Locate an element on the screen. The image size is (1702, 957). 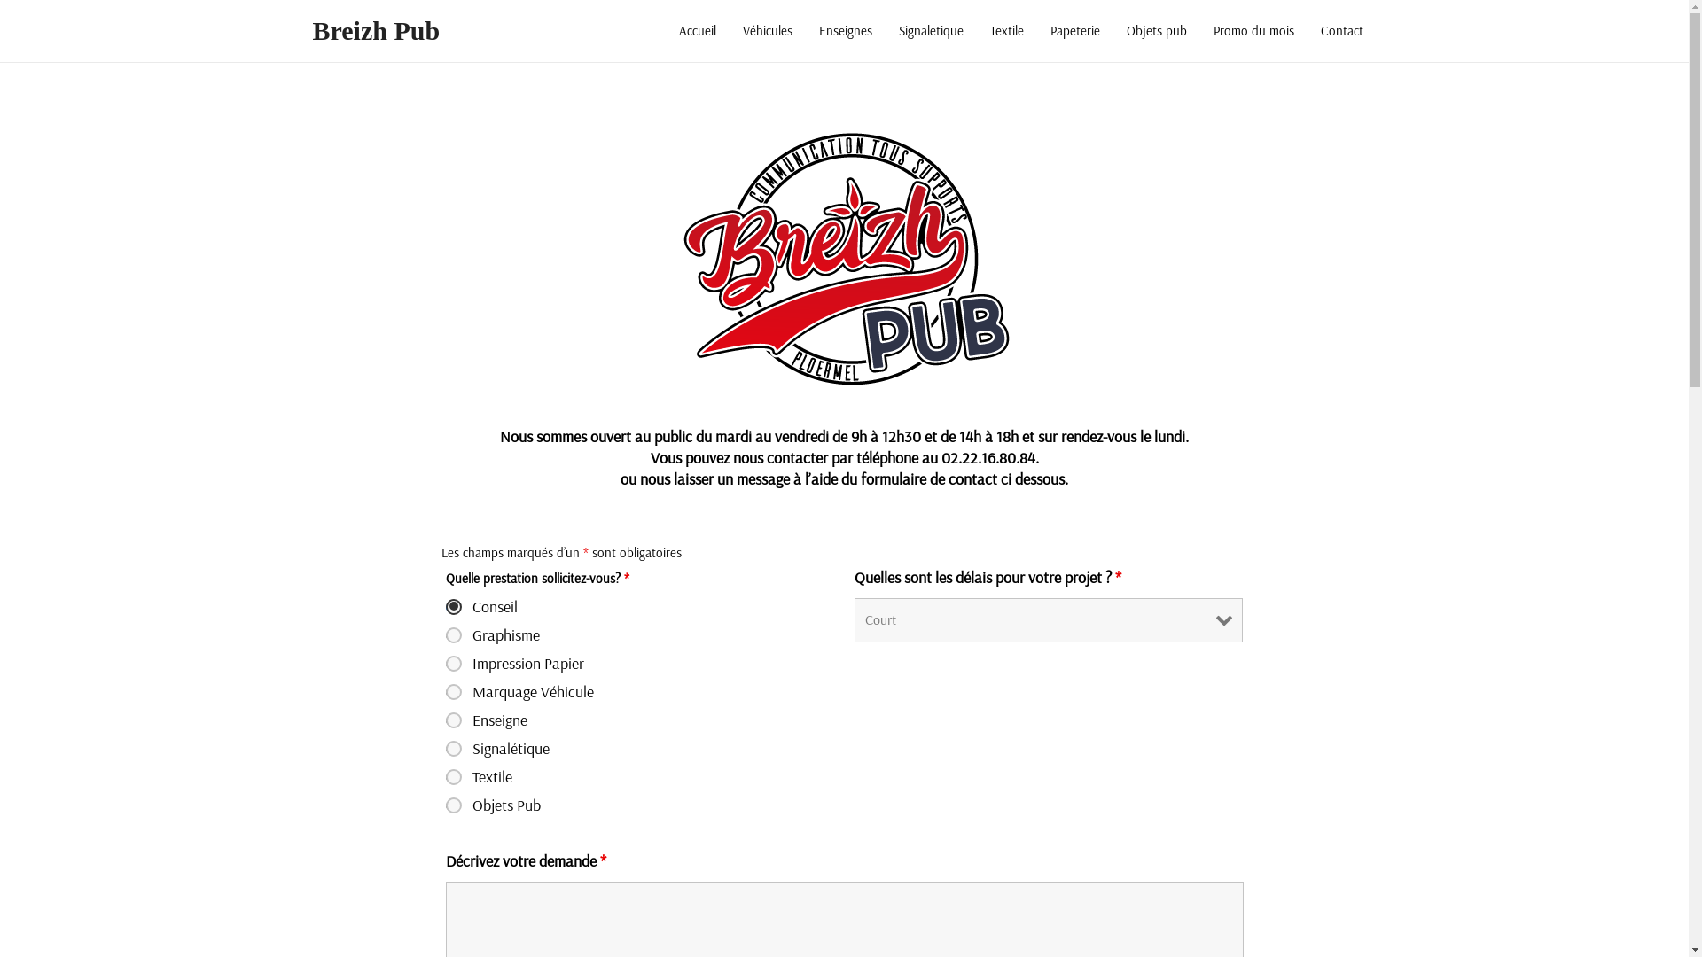
'Enseignes' is located at coordinates (844, 30).